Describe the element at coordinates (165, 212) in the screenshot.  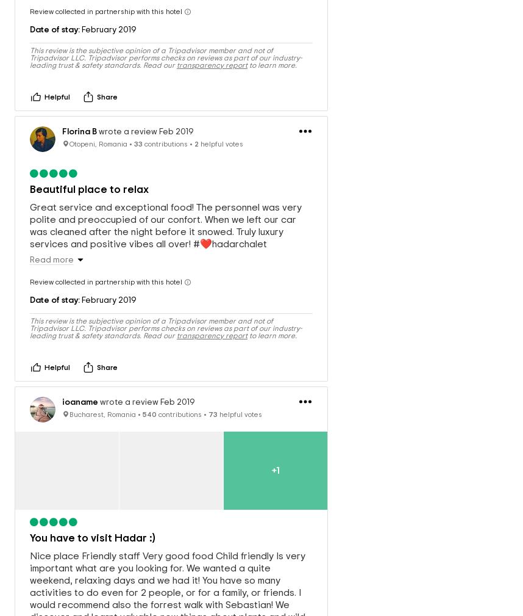
I see `'Great service and exceptional food! The personnel was very polite and preoccupied of our confort. When we left our car was cleaned after the night before it snowed. Truly luxury services and positive vibes all over!  #❤️hadarchalet'` at that location.